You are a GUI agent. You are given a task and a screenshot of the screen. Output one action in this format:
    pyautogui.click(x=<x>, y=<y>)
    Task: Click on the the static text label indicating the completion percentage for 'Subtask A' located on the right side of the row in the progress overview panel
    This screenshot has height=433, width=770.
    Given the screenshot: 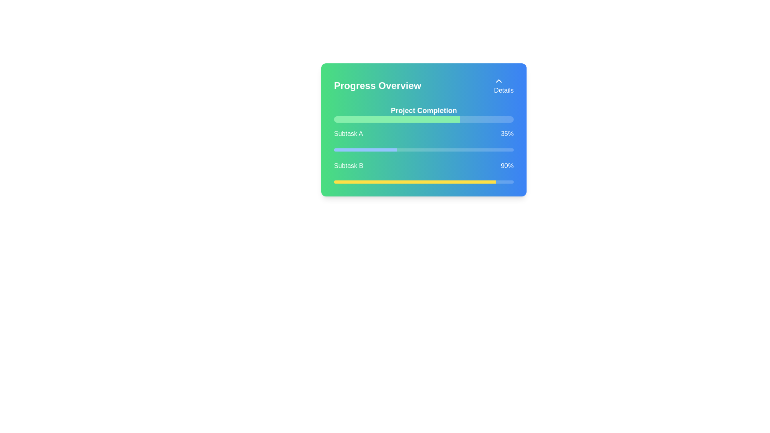 What is the action you would take?
    pyautogui.click(x=507, y=134)
    